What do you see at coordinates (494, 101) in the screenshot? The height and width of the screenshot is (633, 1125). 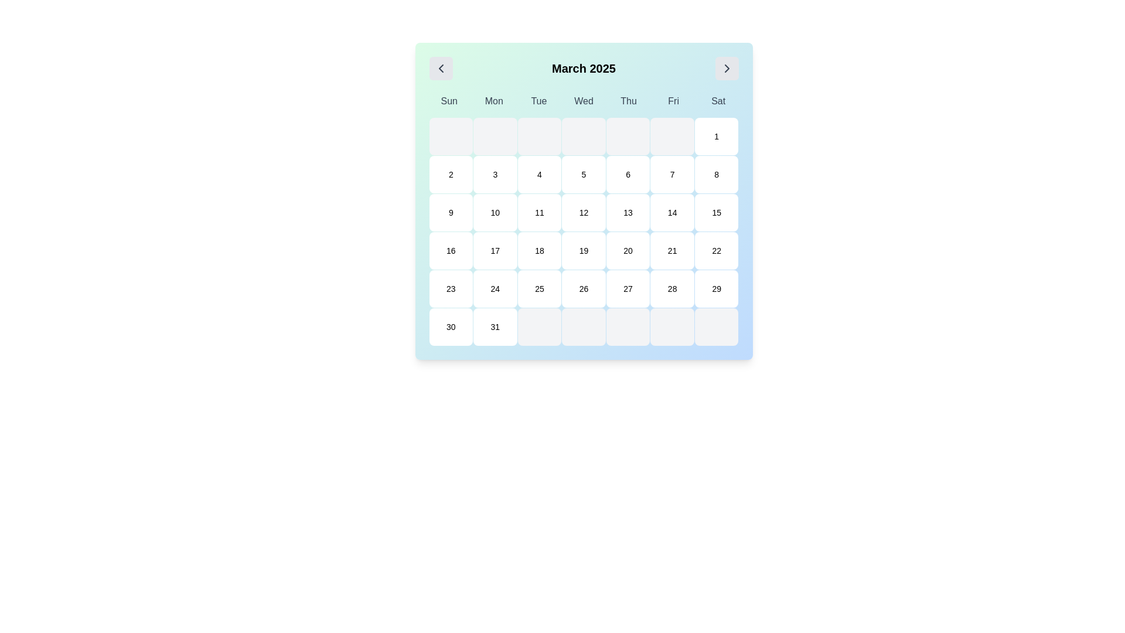 I see `the text label identifying Monday in the calendar view, located under the header 'March 2025', between 'Sun' and 'Tue'` at bounding box center [494, 101].